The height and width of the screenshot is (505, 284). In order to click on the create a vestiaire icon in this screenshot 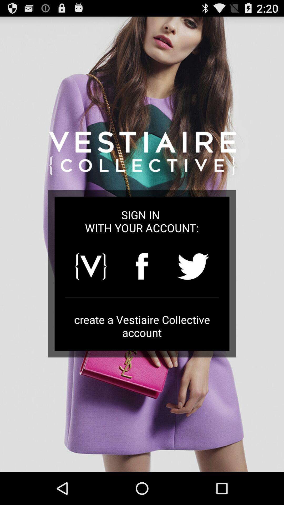, I will do `click(142, 326)`.